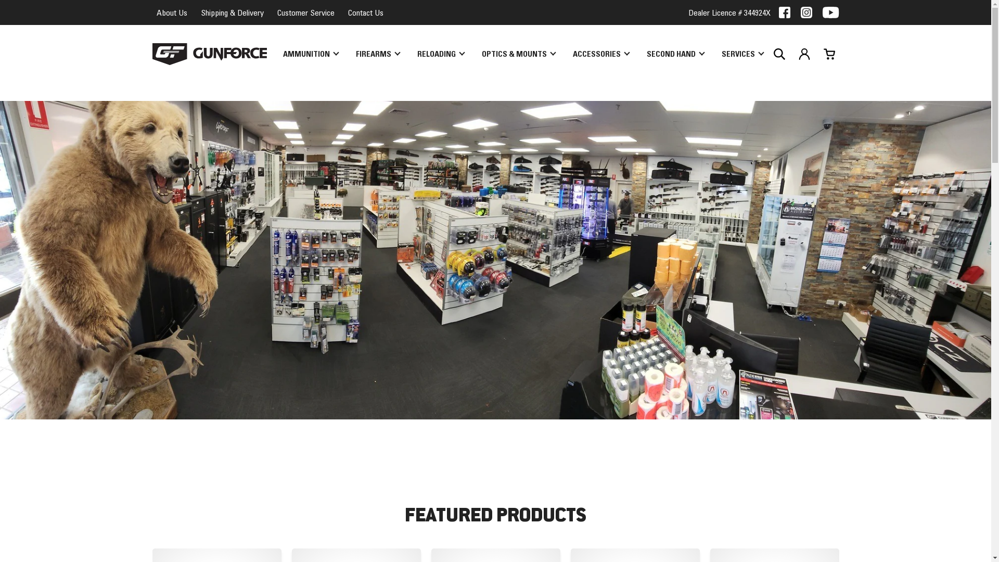  I want to click on 'OPTICS & MOUNTS', so click(518, 54).